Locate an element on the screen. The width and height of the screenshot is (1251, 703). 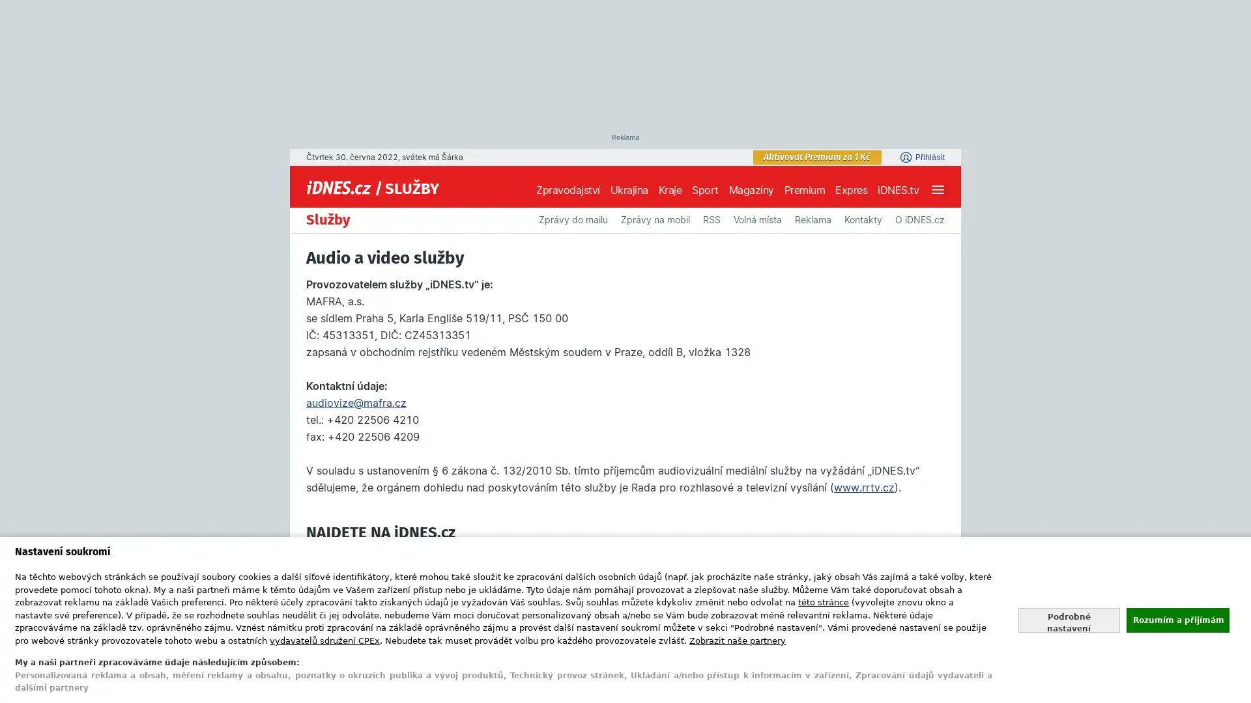
Souhlasit s nasim zpracovanim udaju a zavrit is located at coordinates (1177, 619).